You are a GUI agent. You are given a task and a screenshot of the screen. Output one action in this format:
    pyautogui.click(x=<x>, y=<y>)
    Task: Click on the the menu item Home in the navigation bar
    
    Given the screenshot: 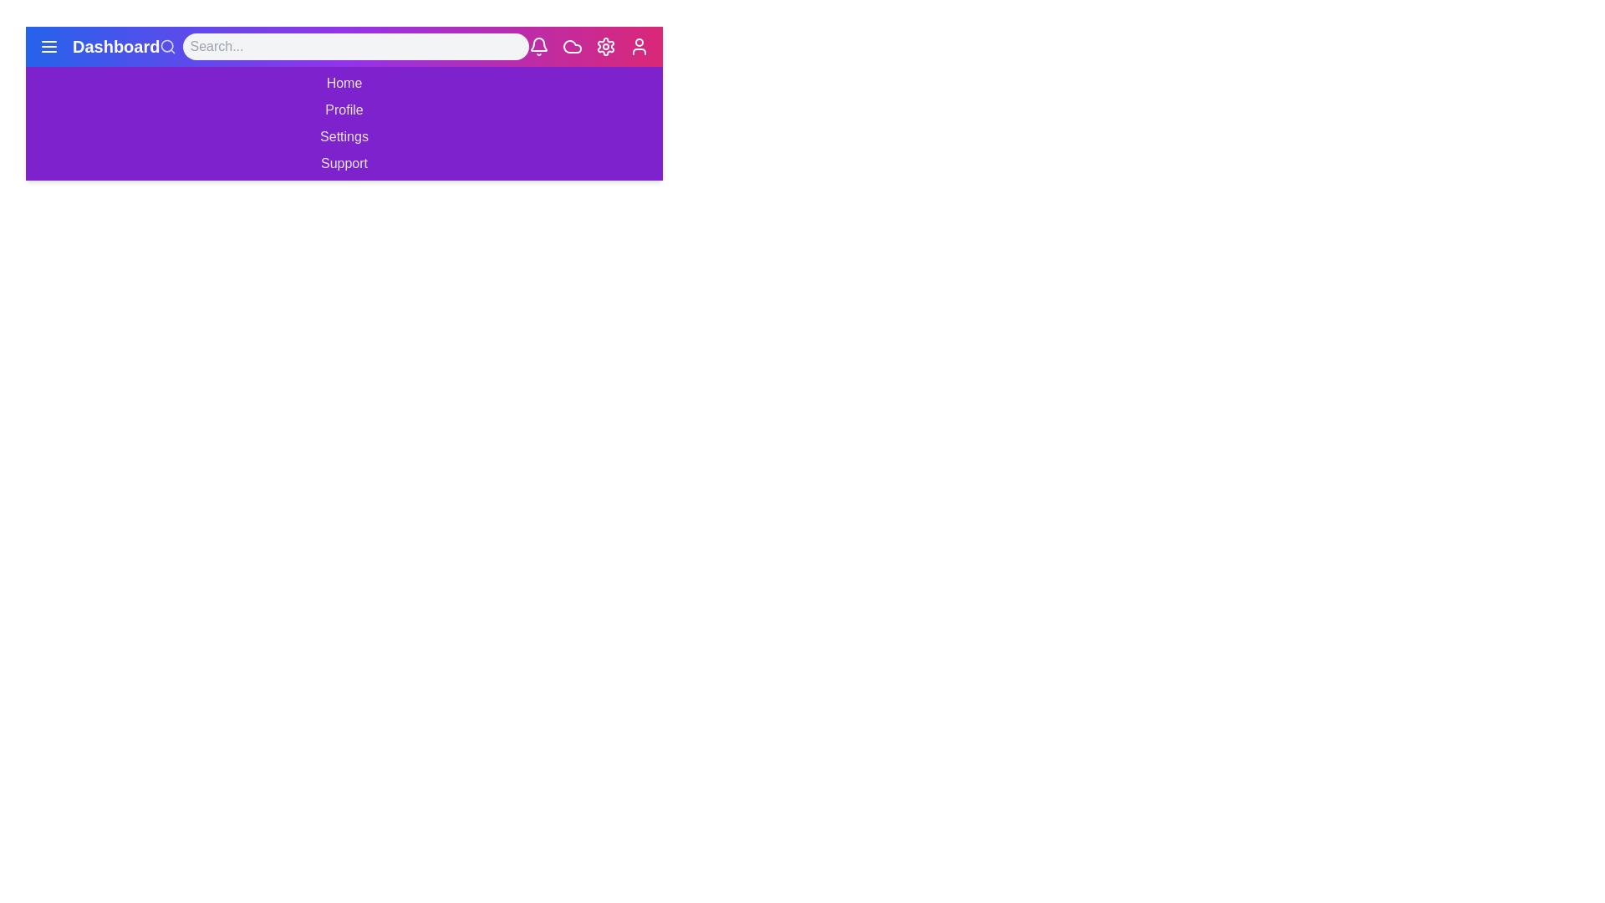 What is the action you would take?
    pyautogui.click(x=344, y=84)
    